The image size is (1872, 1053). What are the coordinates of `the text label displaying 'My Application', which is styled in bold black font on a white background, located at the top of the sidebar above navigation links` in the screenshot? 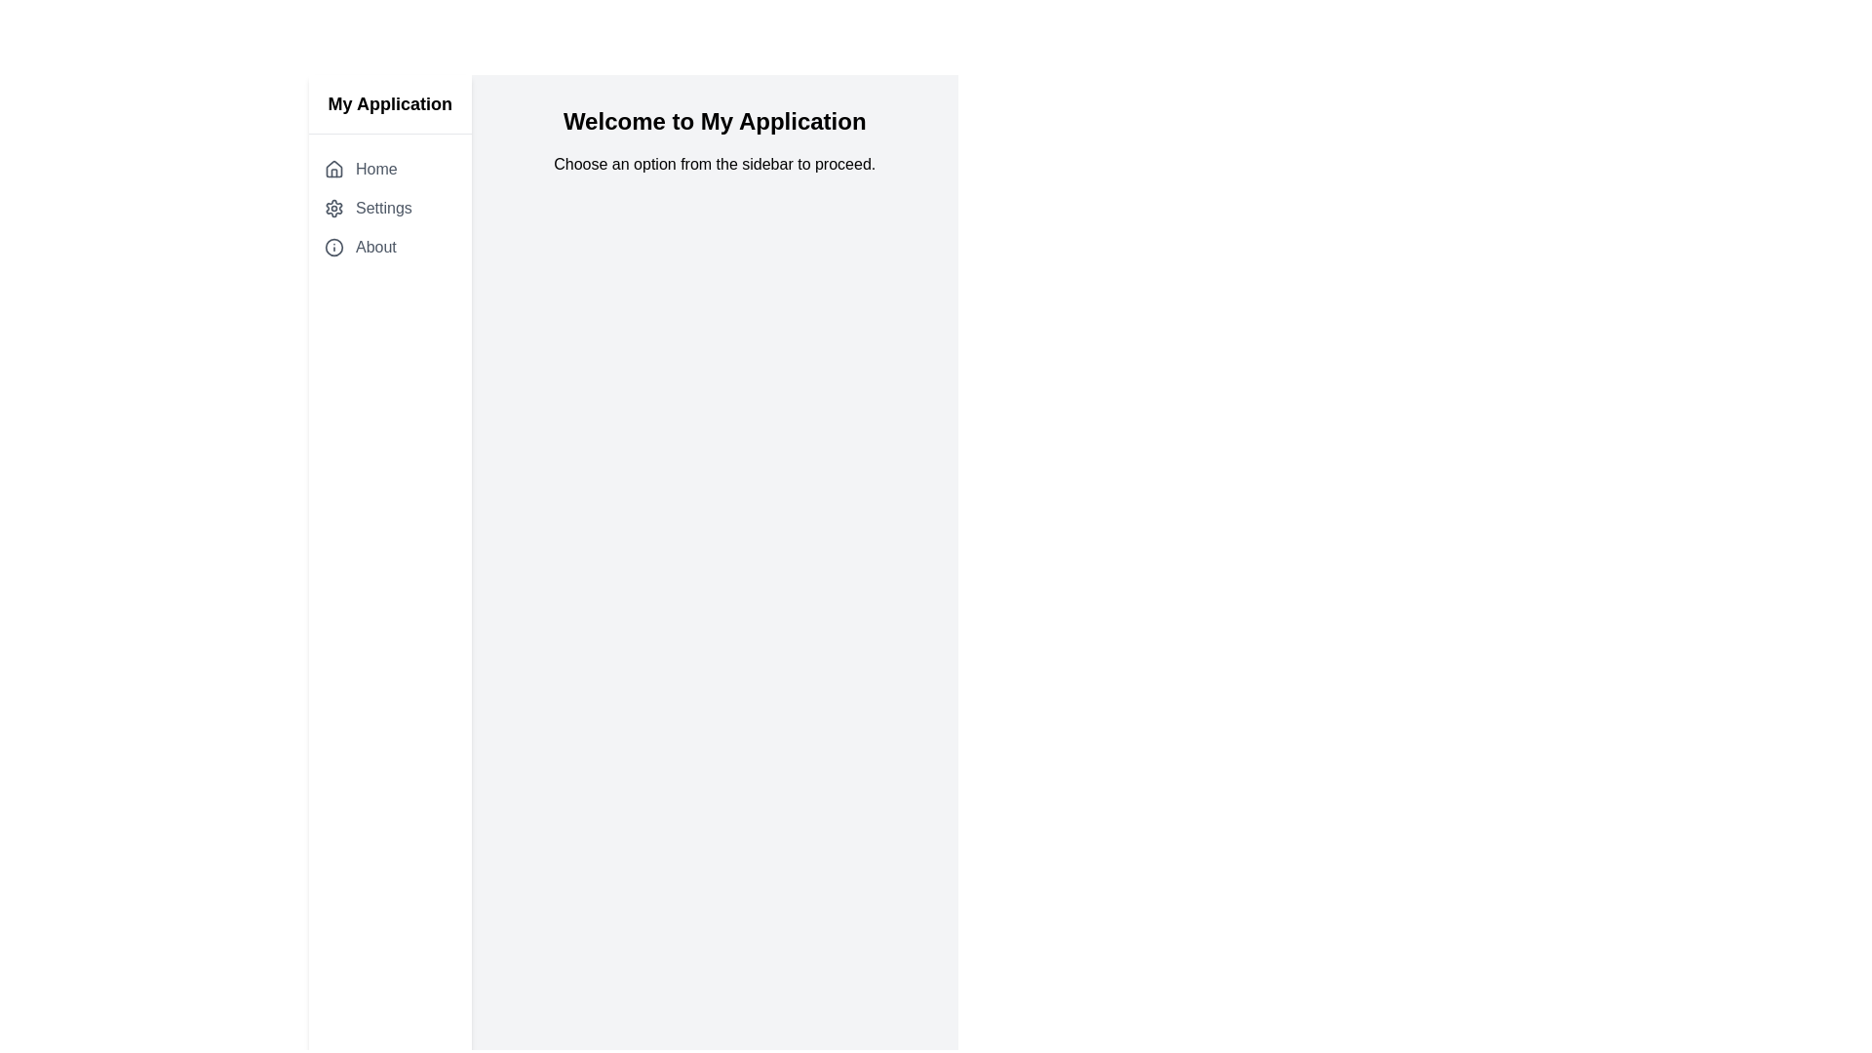 It's located at (390, 104).